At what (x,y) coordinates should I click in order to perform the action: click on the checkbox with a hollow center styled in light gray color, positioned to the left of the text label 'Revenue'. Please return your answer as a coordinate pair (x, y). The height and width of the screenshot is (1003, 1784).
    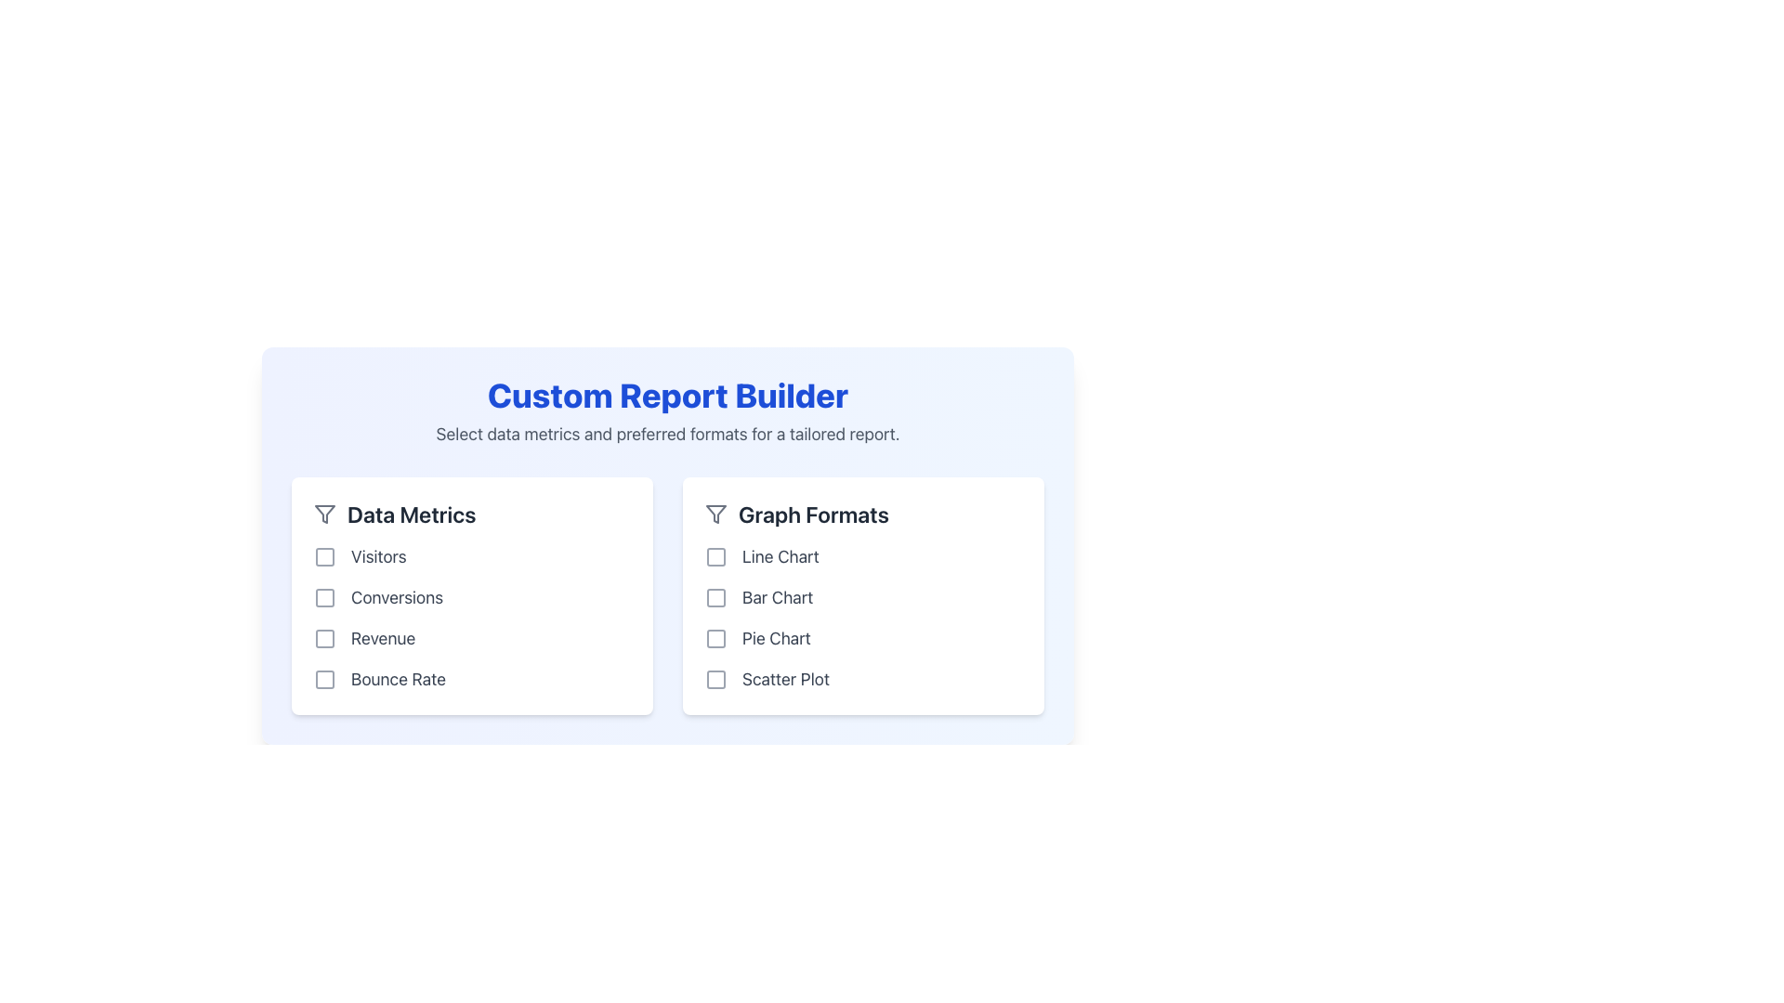
    Looking at the image, I should click on (325, 637).